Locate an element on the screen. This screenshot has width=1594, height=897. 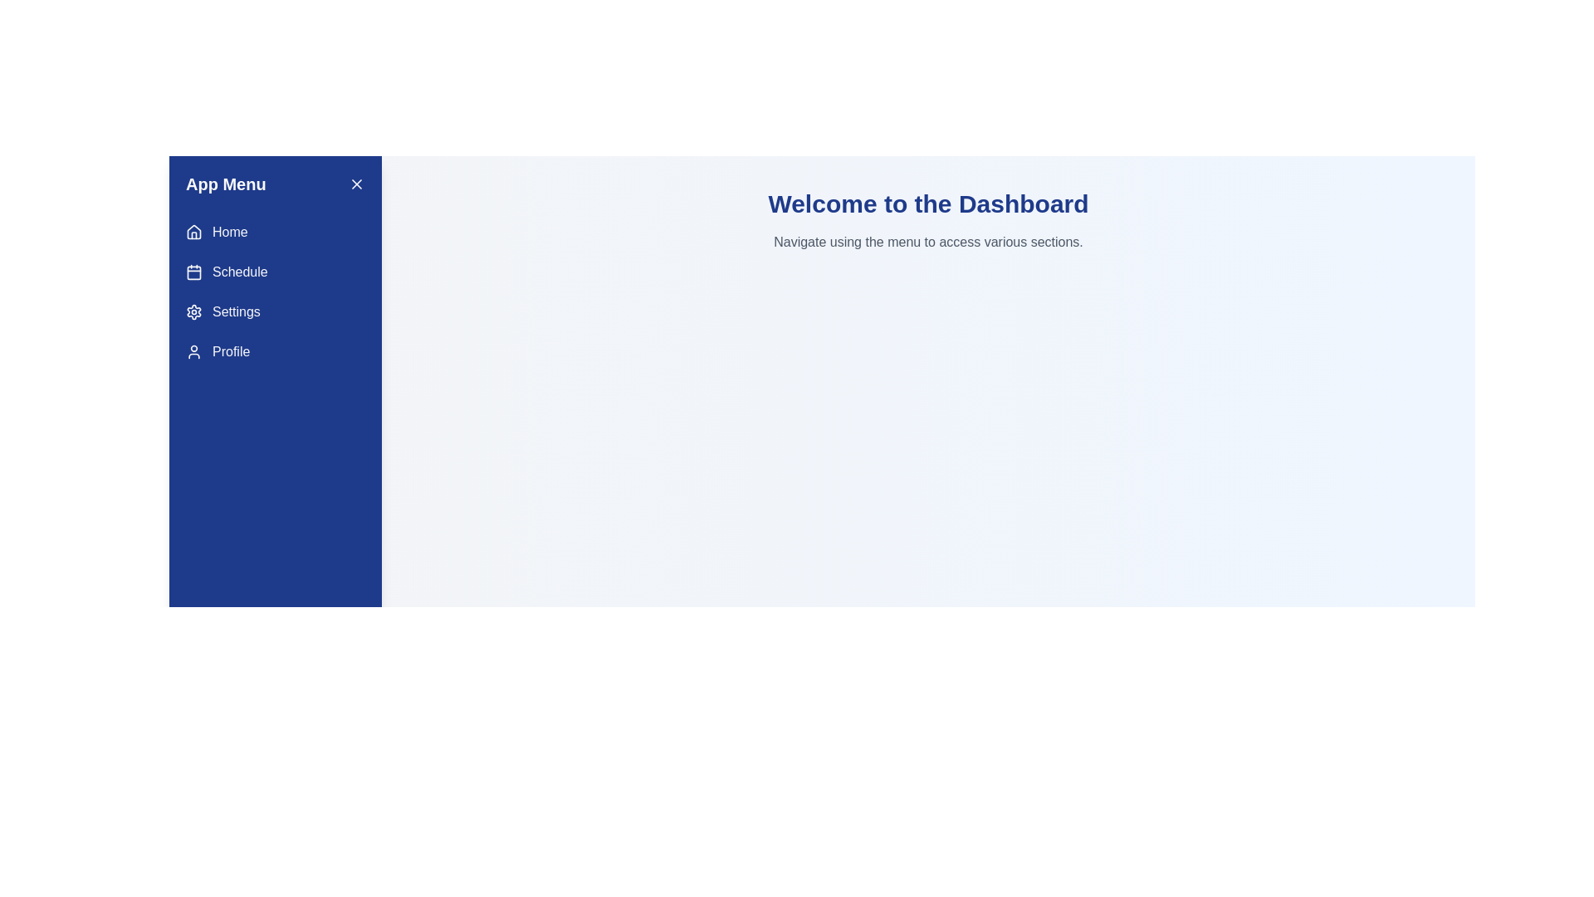
the menu item Schedule to navigate to the corresponding section is located at coordinates (275, 271).